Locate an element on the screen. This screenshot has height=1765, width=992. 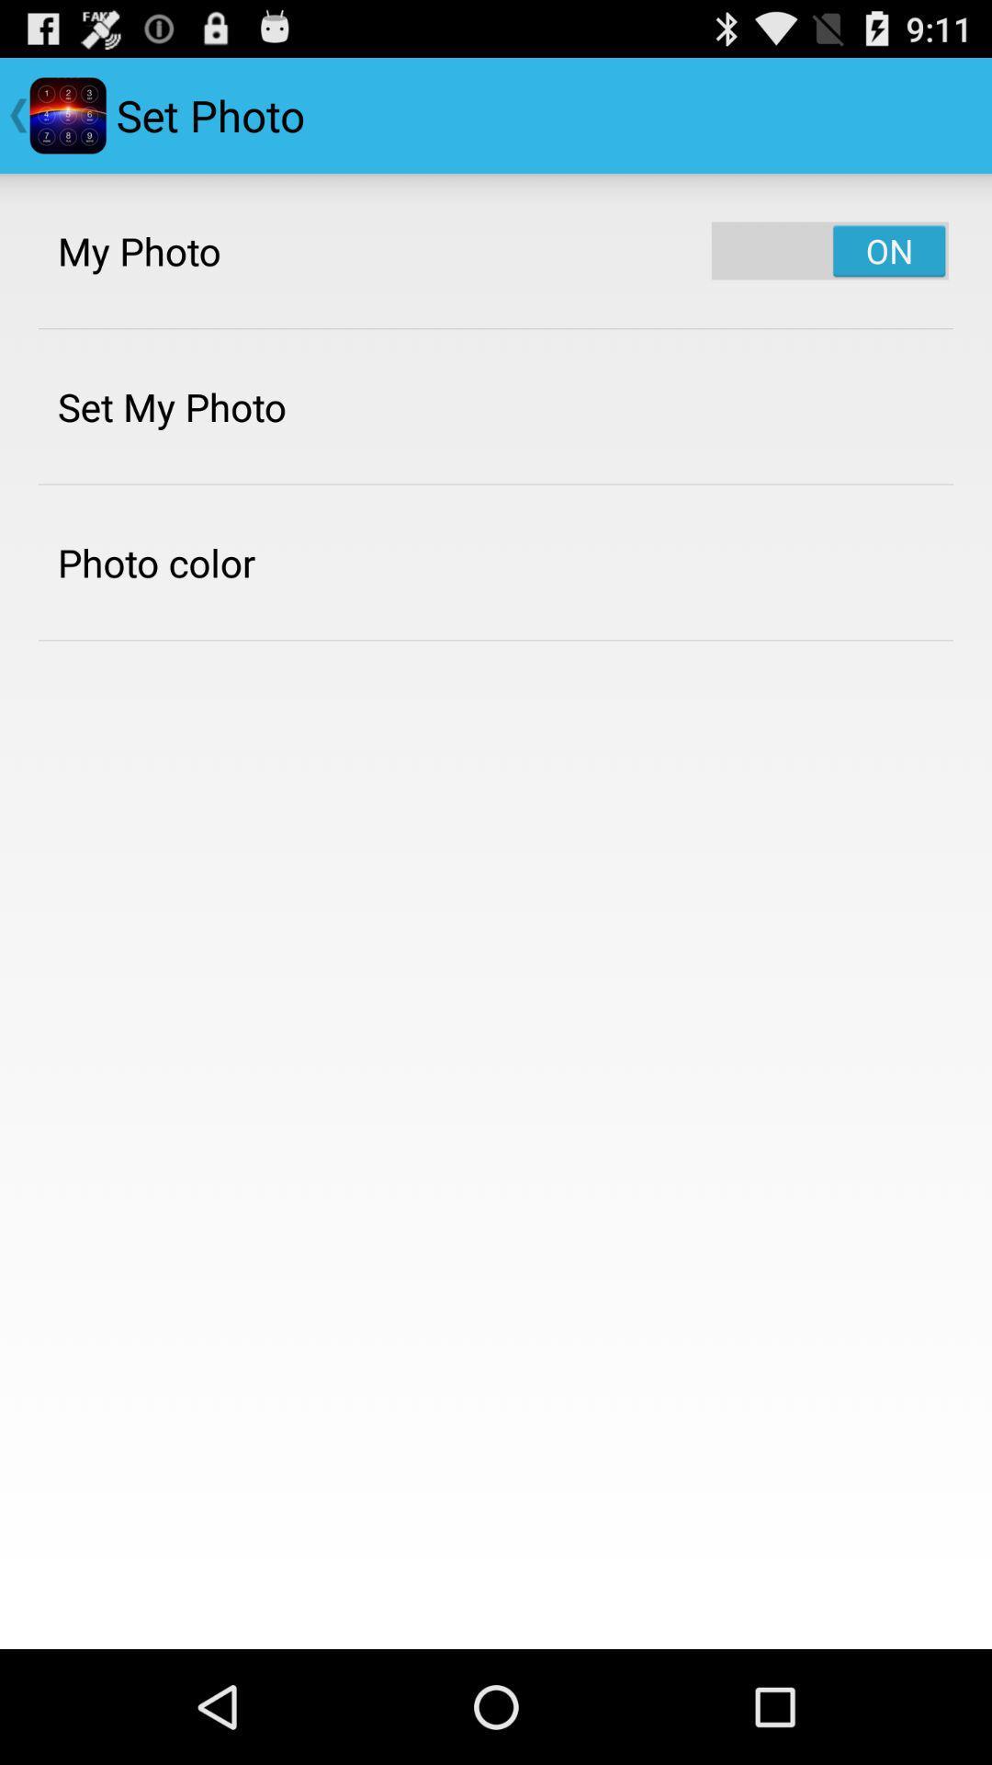
item at the top right corner is located at coordinates (829, 250).